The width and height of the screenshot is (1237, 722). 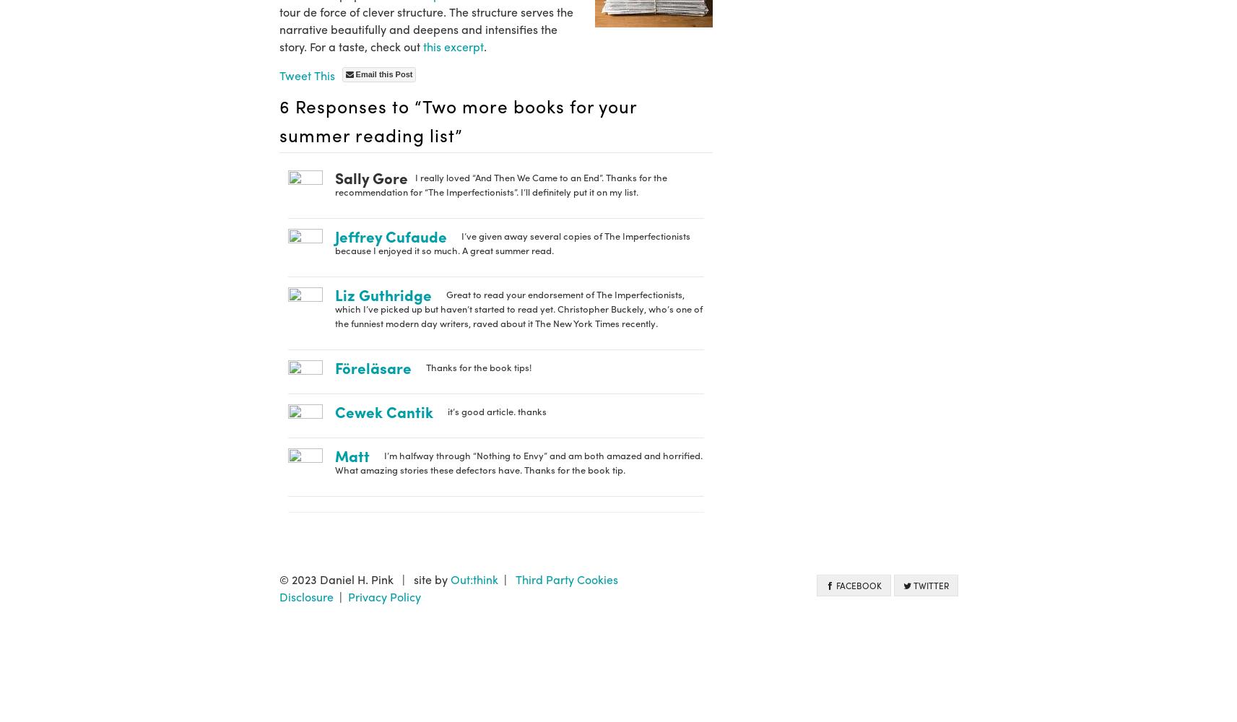 What do you see at coordinates (500, 184) in the screenshot?
I see `'I really loved “And Then We Came to an End”. Thanks for the recommendation for “The Imperfectionists”. I’ll definitely put it on my list.'` at bounding box center [500, 184].